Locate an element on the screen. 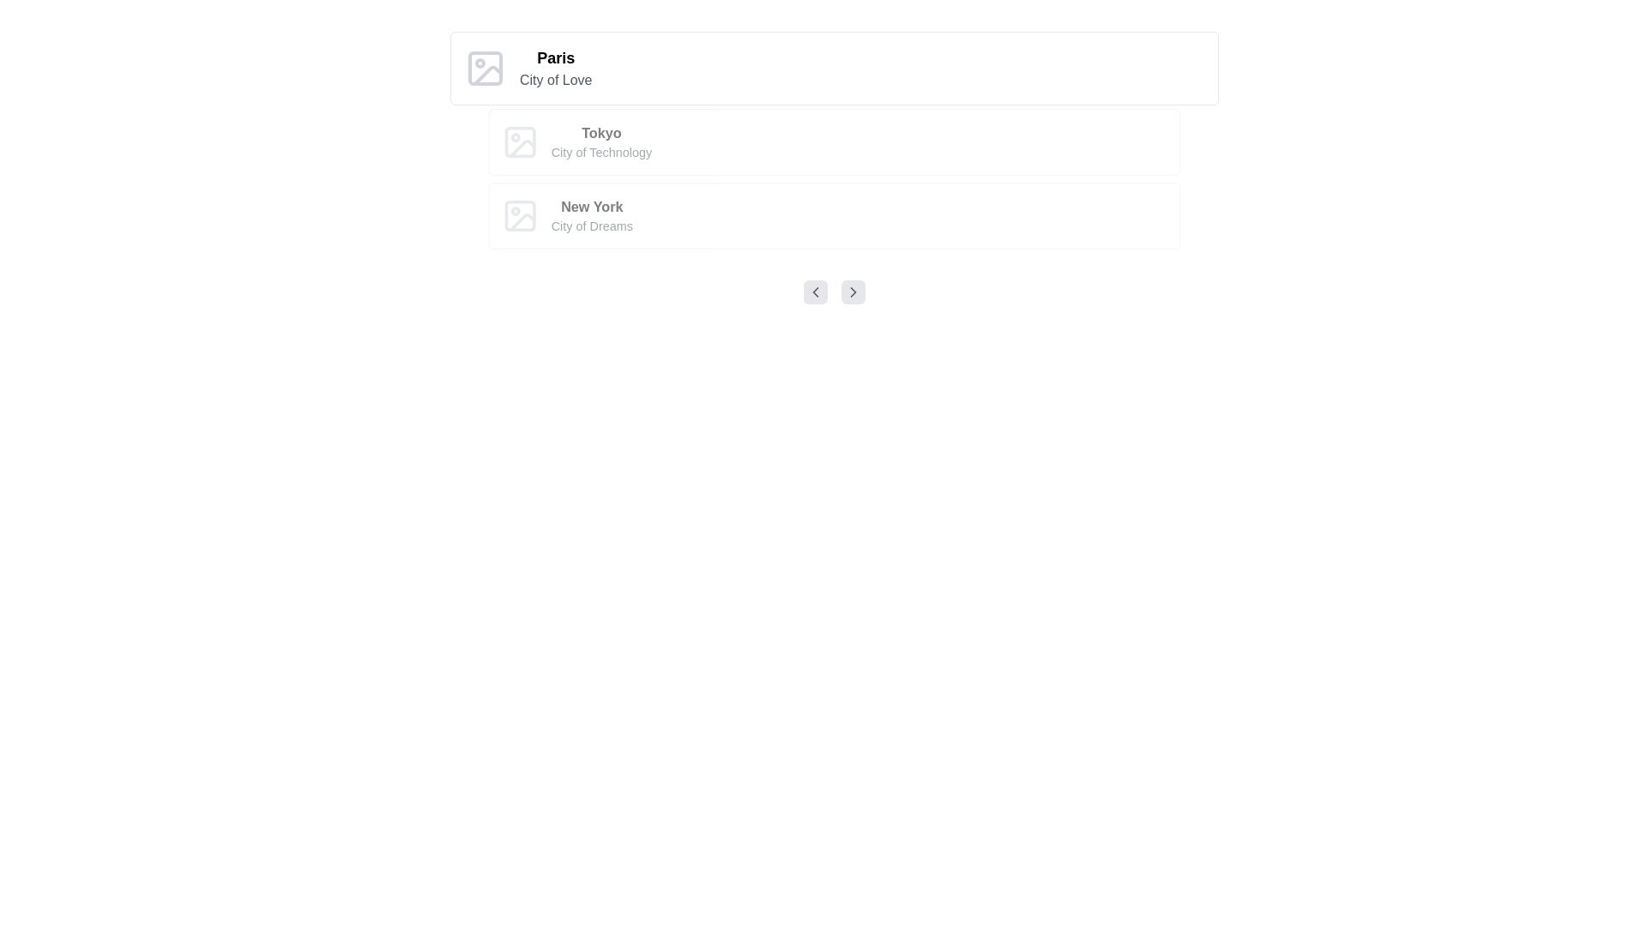 This screenshot has height=926, width=1647. the bold, large-font text displaying 'Paris' is located at coordinates (556, 57).